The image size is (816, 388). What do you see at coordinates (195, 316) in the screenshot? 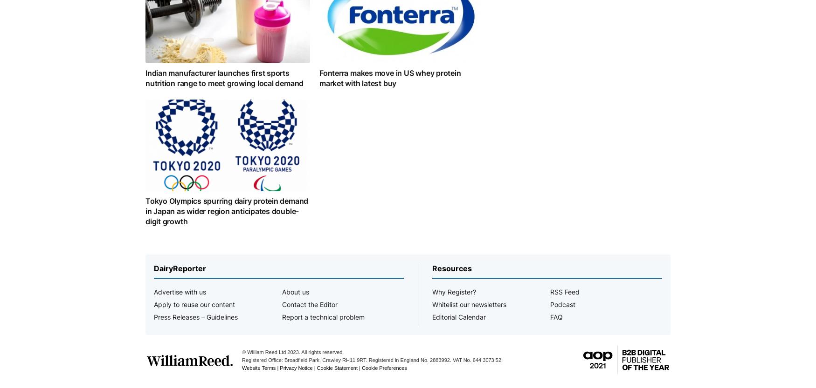
I see `'Press Releases – Guidelines'` at bounding box center [195, 316].